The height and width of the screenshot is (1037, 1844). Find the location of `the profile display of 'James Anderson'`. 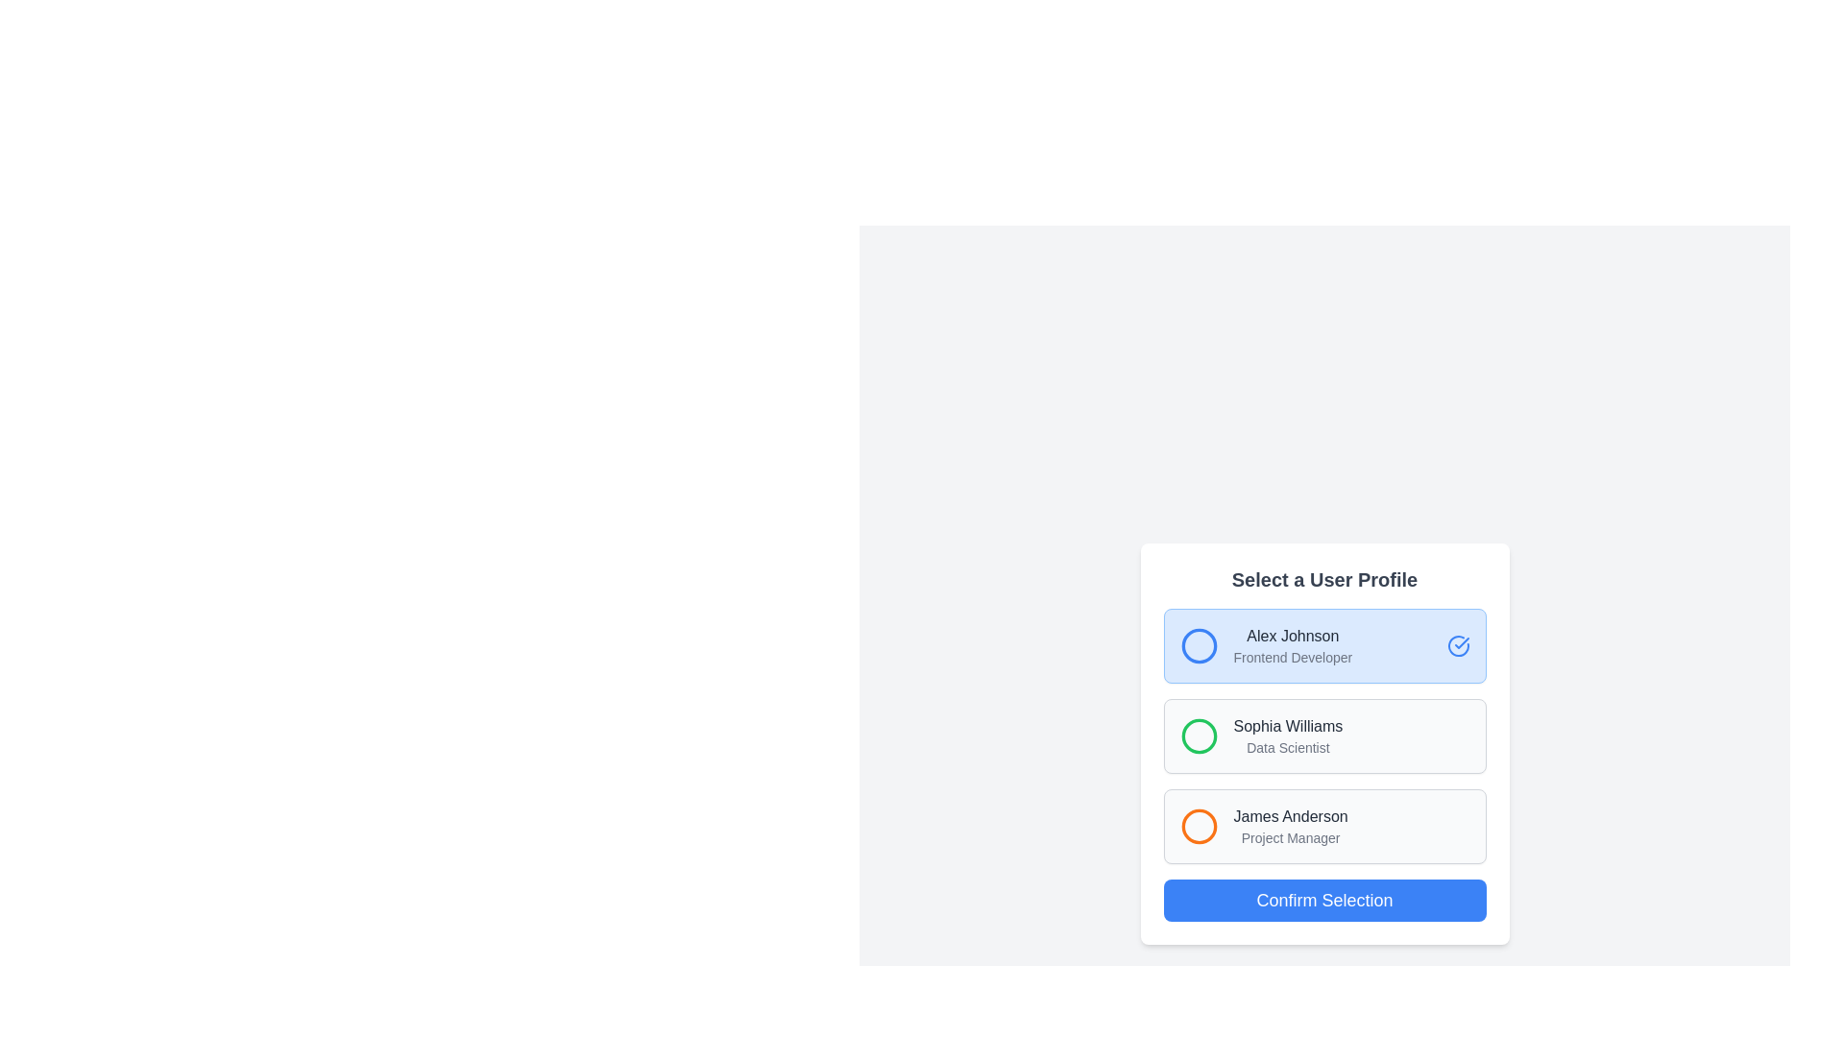

the profile display of 'James Anderson' is located at coordinates (1291, 825).